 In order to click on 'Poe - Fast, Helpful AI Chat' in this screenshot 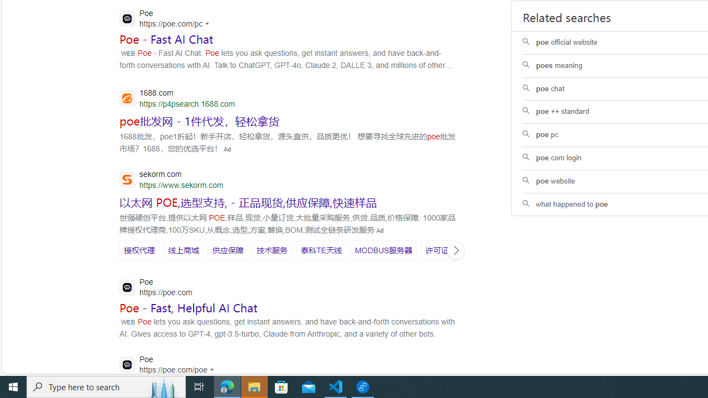, I will do `click(189, 308)`.